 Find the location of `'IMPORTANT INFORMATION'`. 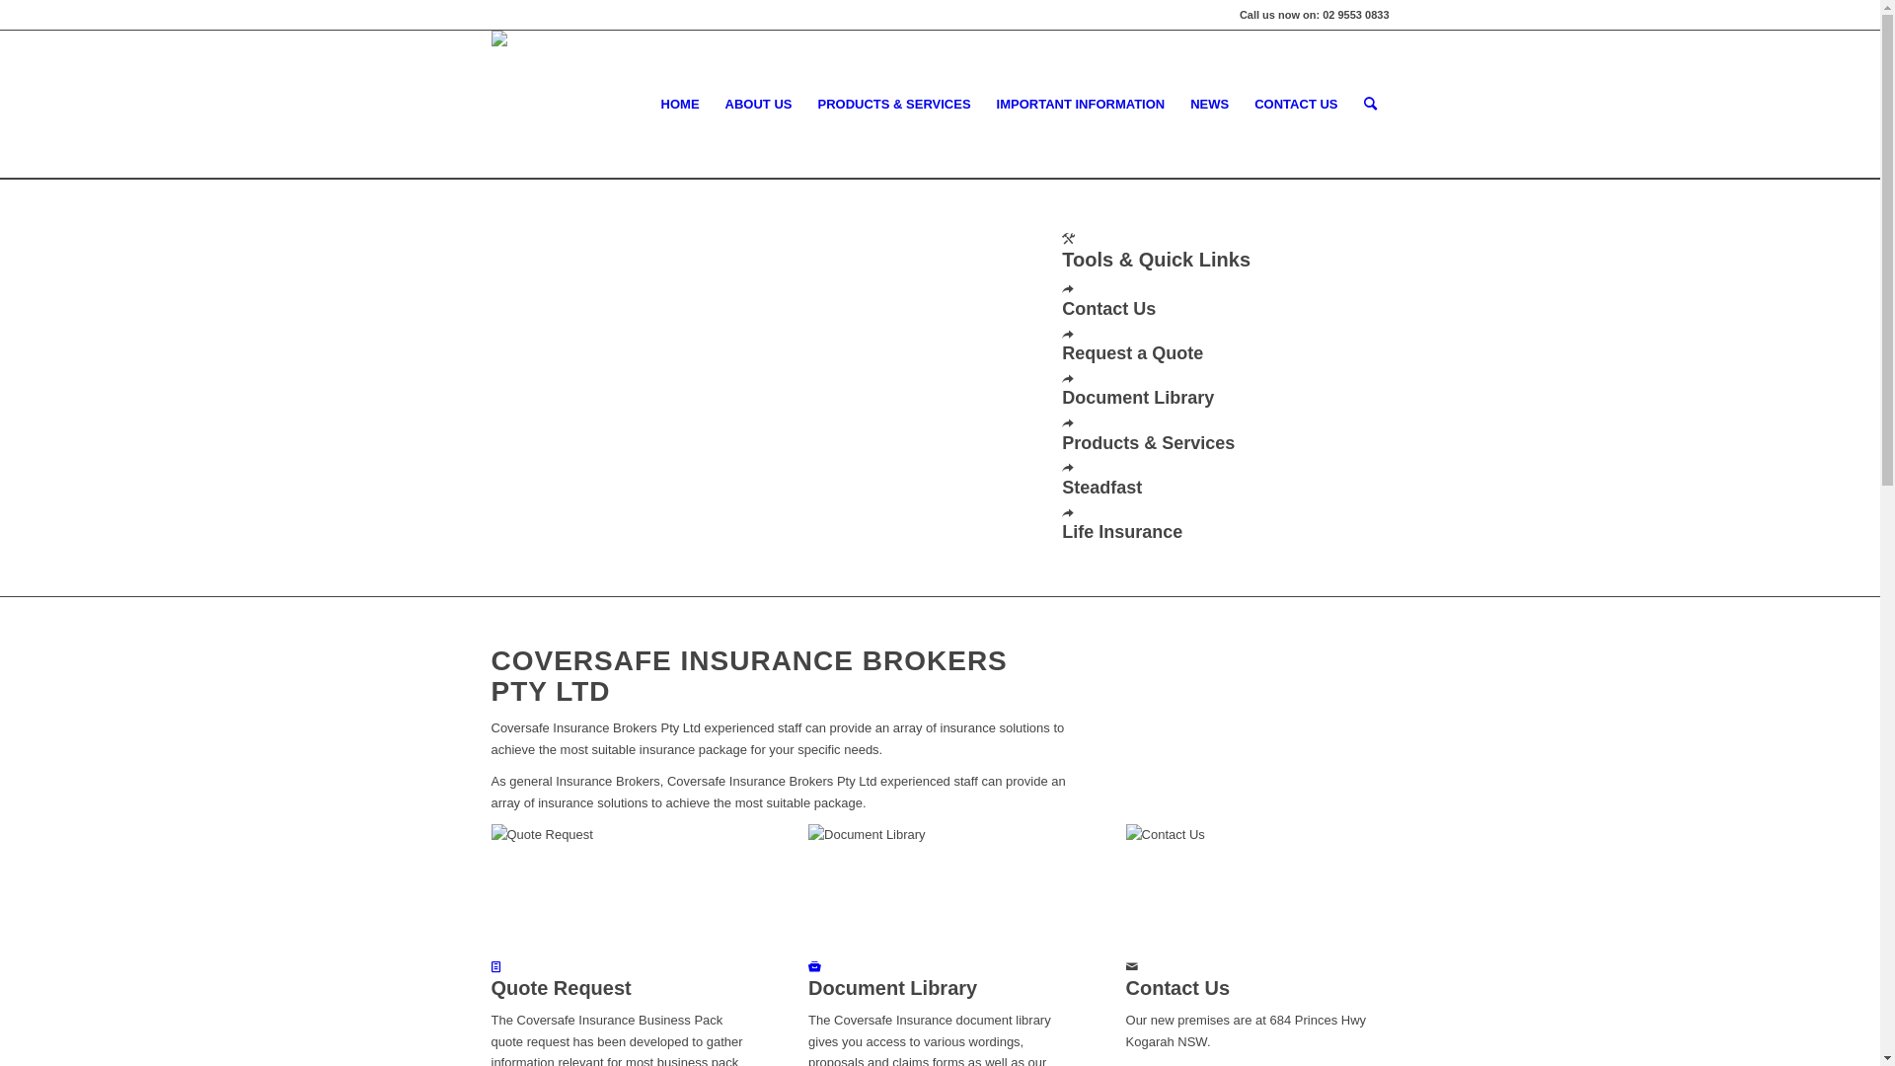

'IMPORTANT INFORMATION' is located at coordinates (1080, 104).